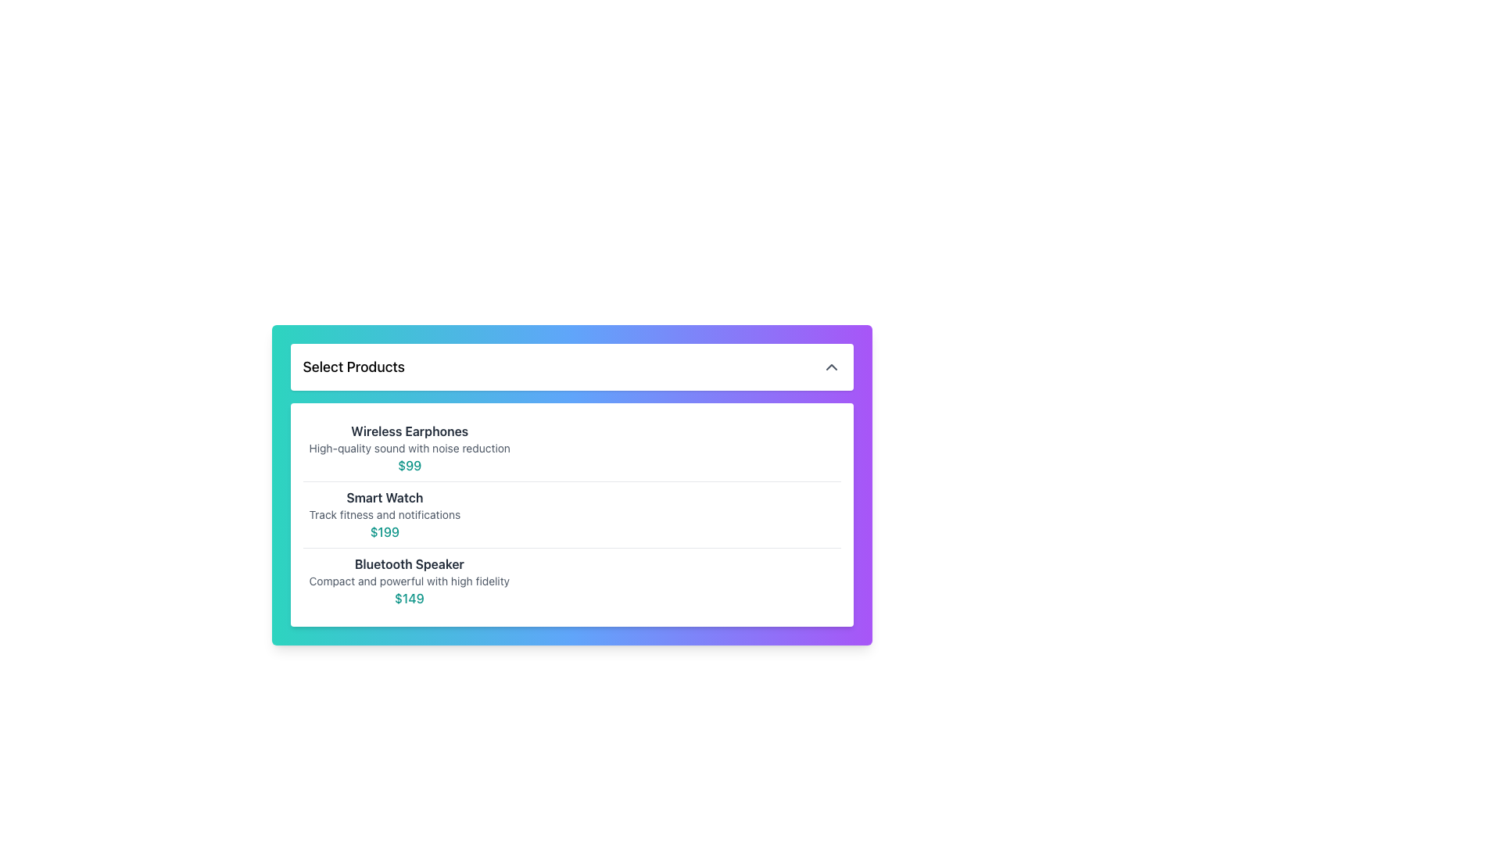 The image size is (1501, 844). Describe the element at coordinates (409, 563) in the screenshot. I see `the 'Bluetooth Speaker' text label at the top of the third product card` at that location.